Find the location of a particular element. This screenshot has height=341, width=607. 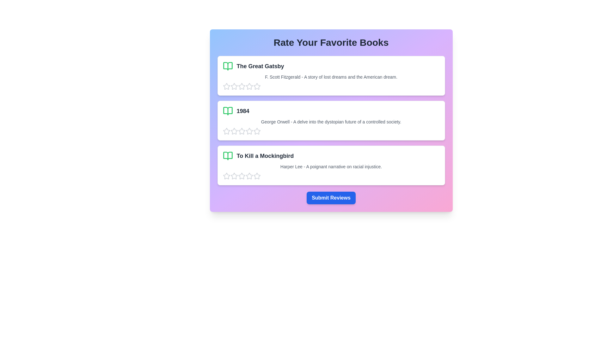

the star corresponding to 2 for the book titled The Great Gatsby is located at coordinates (234, 86).